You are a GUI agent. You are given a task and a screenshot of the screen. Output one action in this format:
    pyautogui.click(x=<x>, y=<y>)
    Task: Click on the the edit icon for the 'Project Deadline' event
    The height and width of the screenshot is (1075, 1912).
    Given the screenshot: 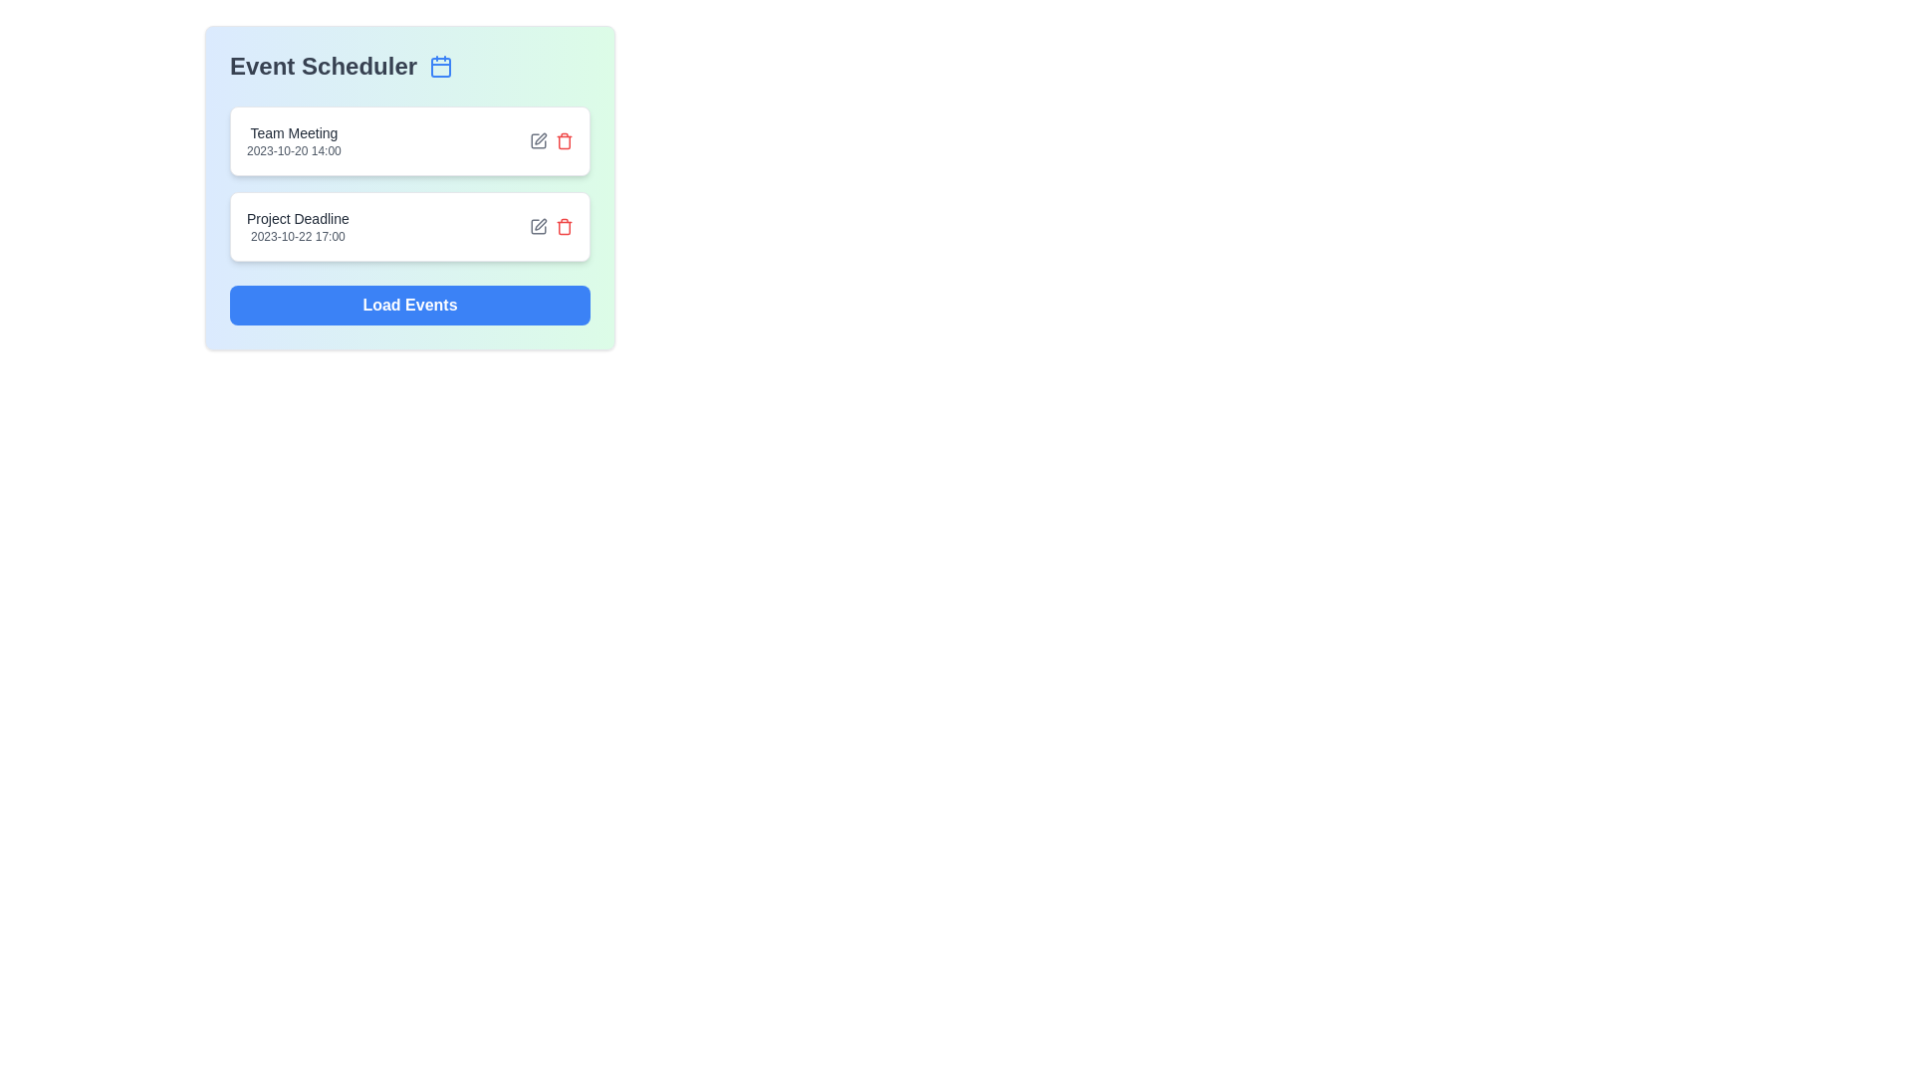 What is the action you would take?
    pyautogui.click(x=541, y=224)
    